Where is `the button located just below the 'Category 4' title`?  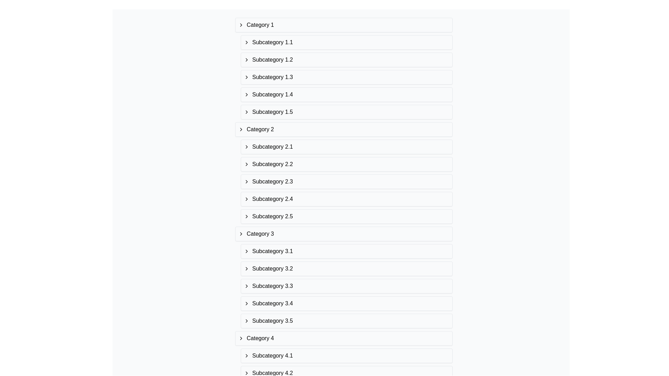 the button located just below the 'Category 4' title is located at coordinates (346, 356).